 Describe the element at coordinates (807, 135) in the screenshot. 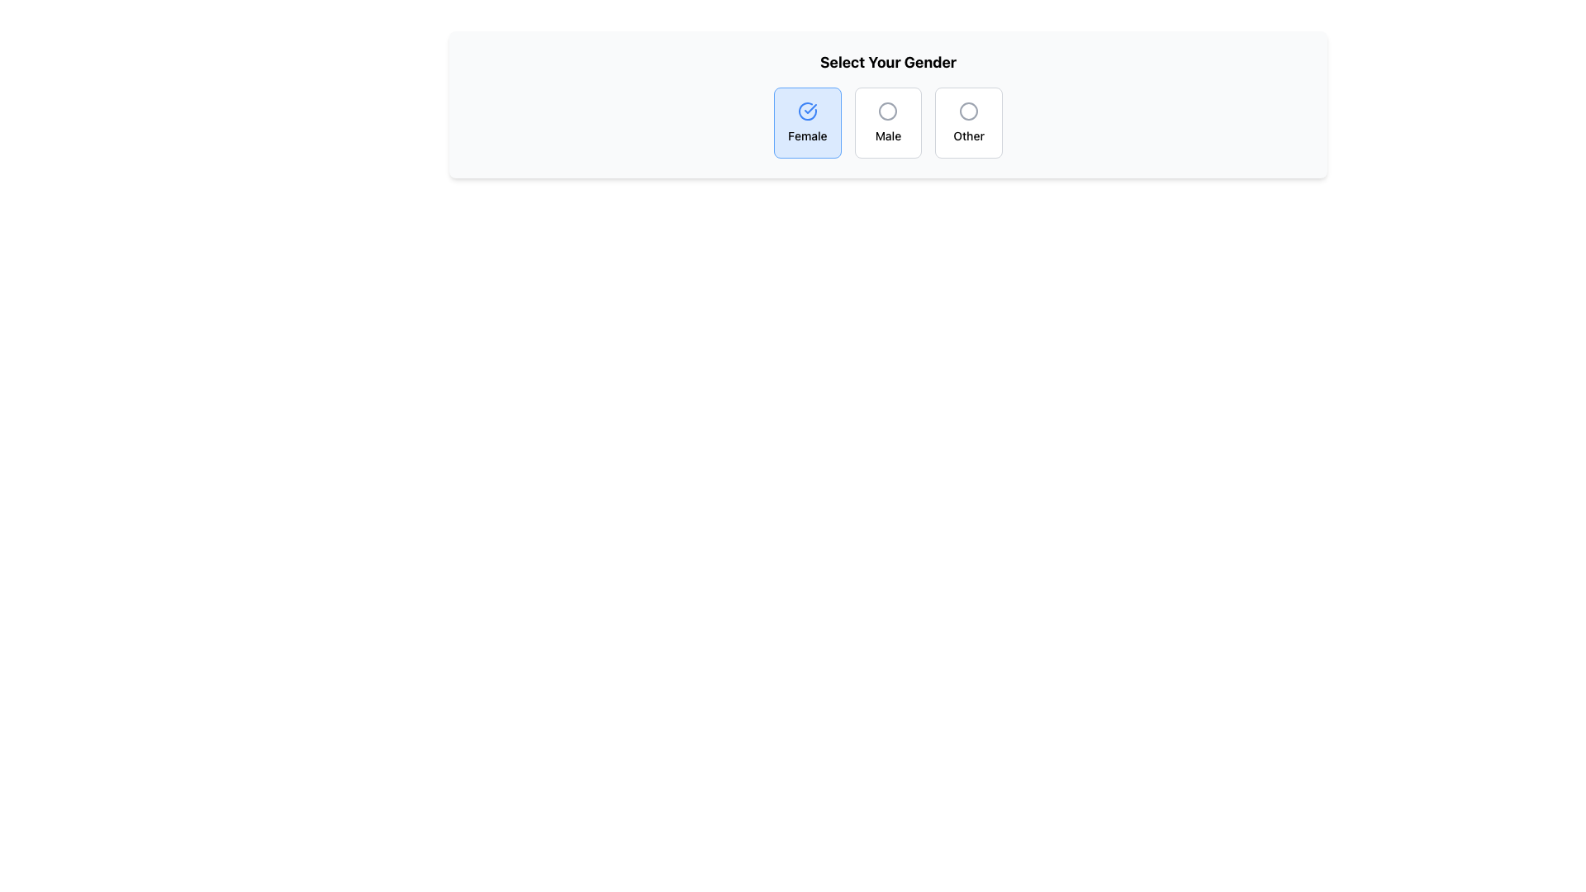

I see `the text label 'Female' which is styled with a small font size and medium weight, located beneath a circular checkmark icon in a rounded rectangular section with a blue background` at that location.